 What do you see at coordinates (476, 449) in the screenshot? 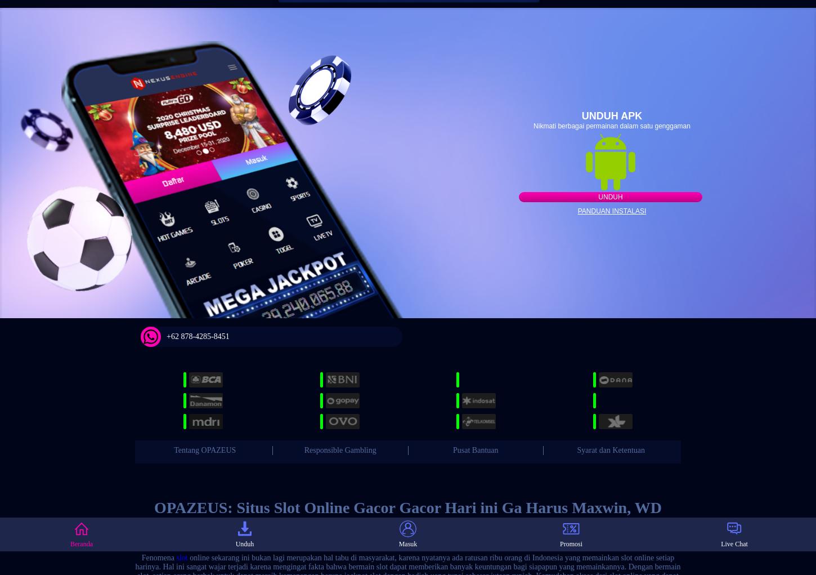
I see `'Pusat Bantuan'` at bounding box center [476, 449].